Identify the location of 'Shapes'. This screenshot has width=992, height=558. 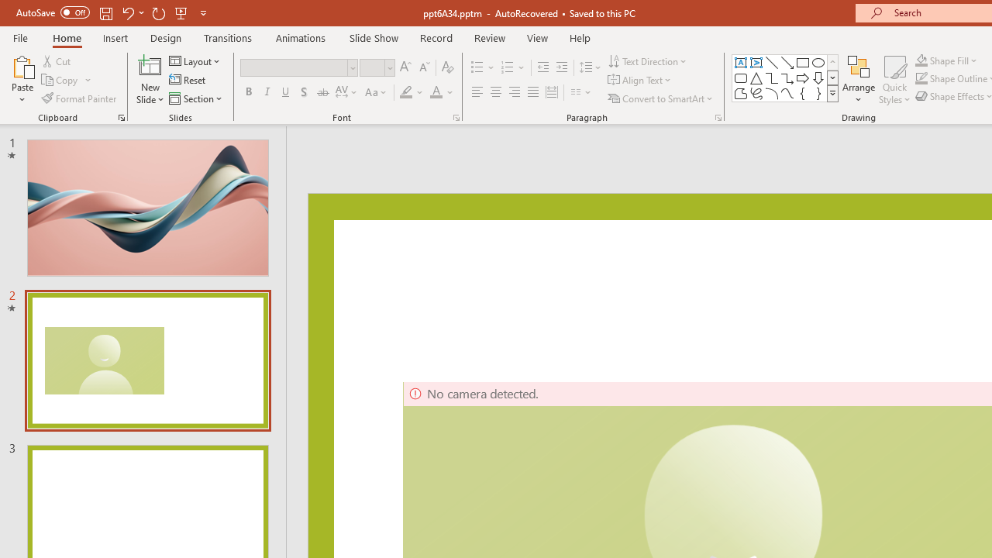
(832, 93).